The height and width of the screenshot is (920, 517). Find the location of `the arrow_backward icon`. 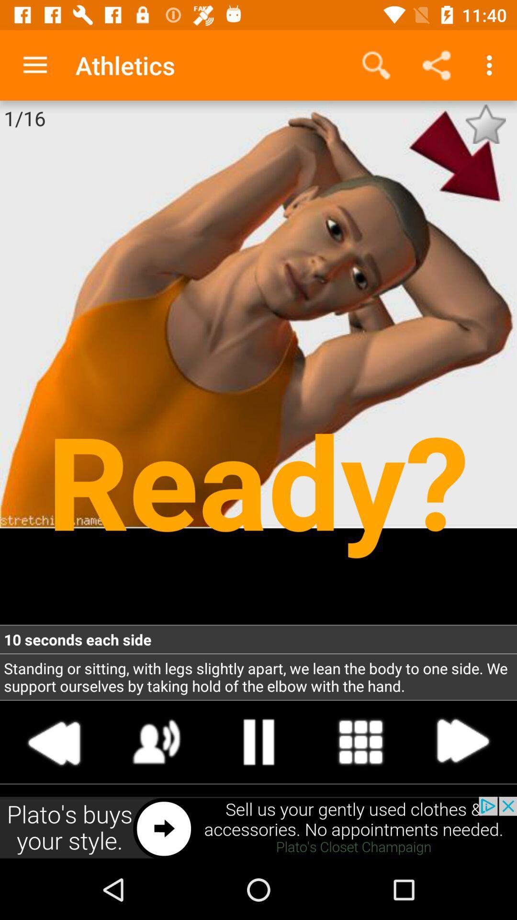

the arrow_backward icon is located at coordinates (55, 741).